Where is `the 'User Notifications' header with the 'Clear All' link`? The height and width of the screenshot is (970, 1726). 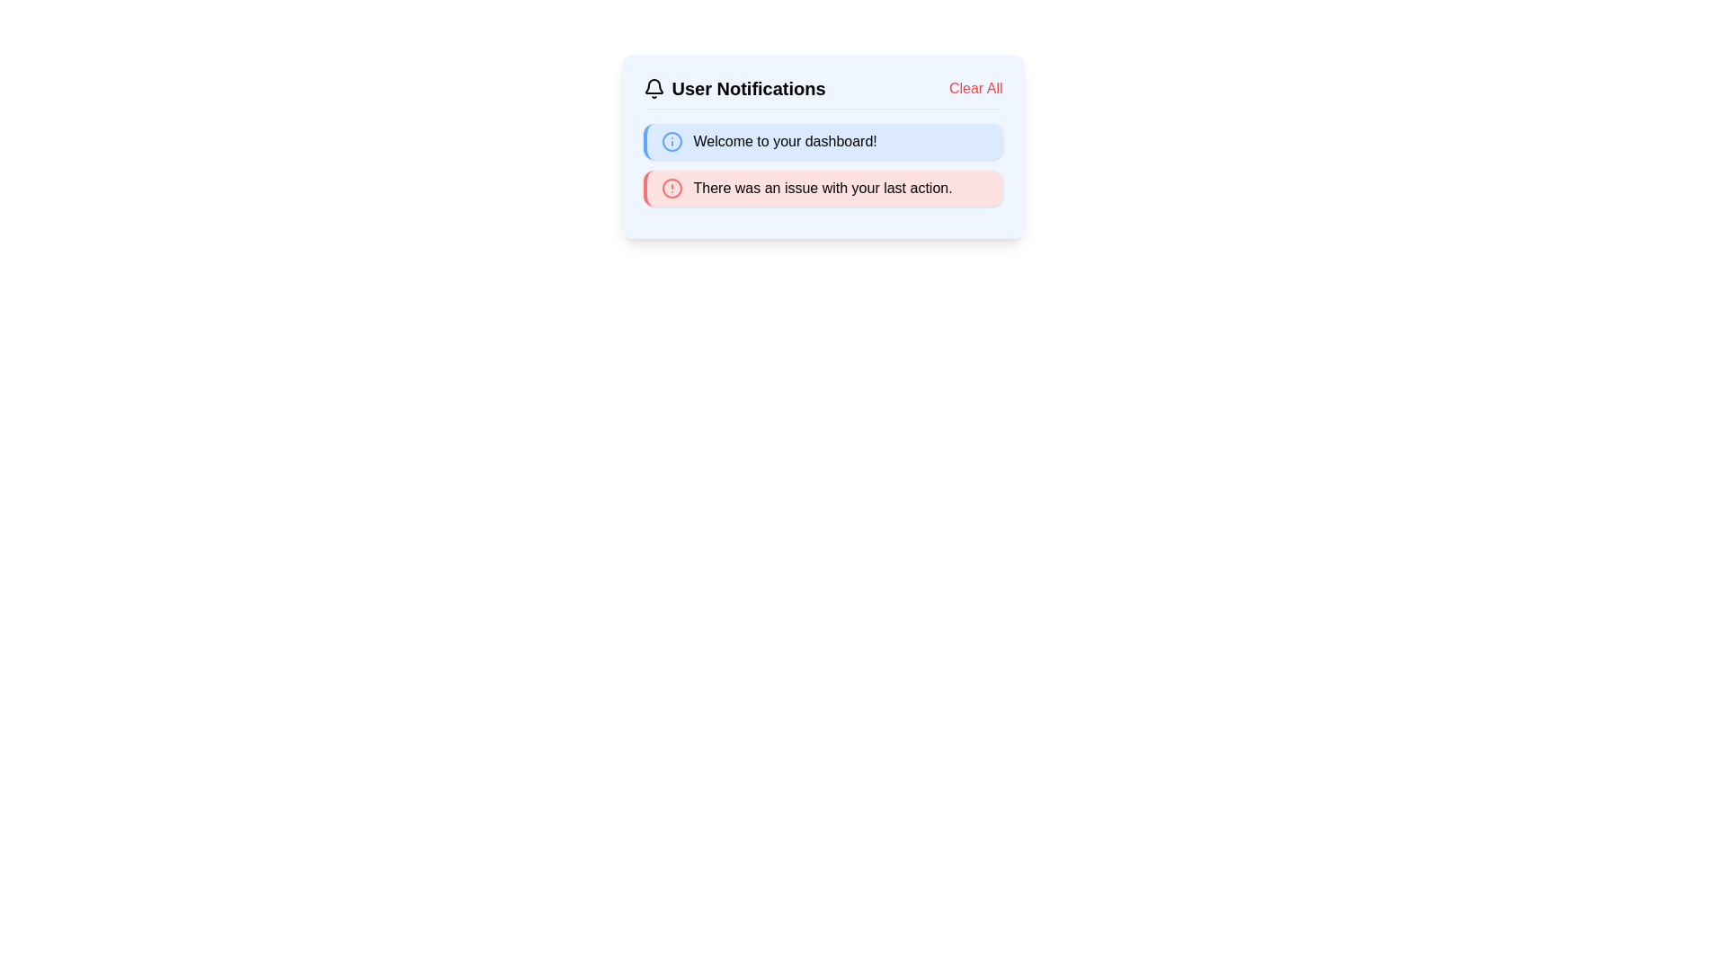
the 'User Notifications' header with the 'Clear All' link is located at coordinates (822, 93).